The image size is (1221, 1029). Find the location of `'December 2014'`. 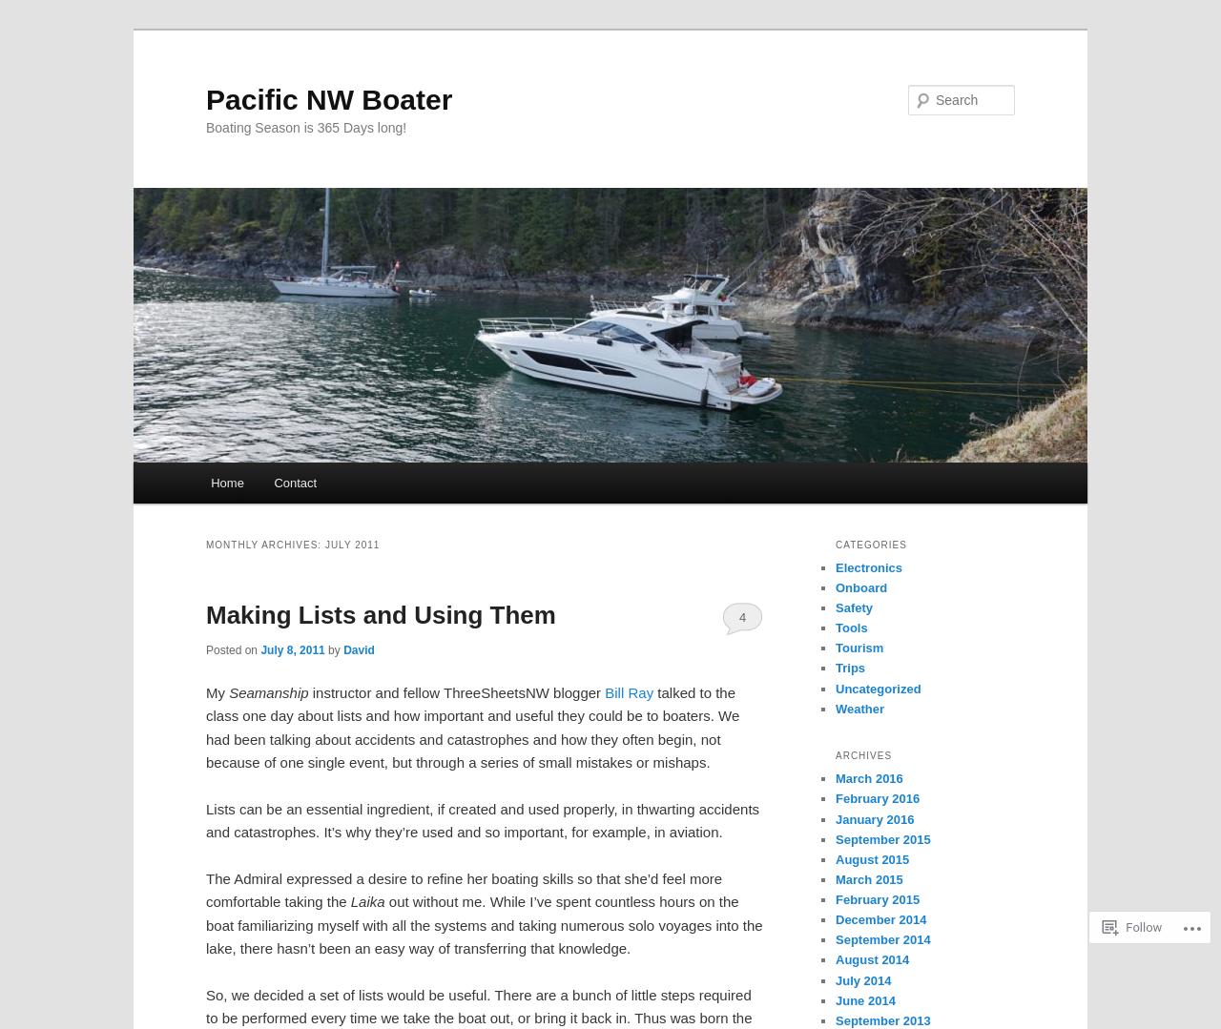

'December 2014' is located at coordinates (880, 918).